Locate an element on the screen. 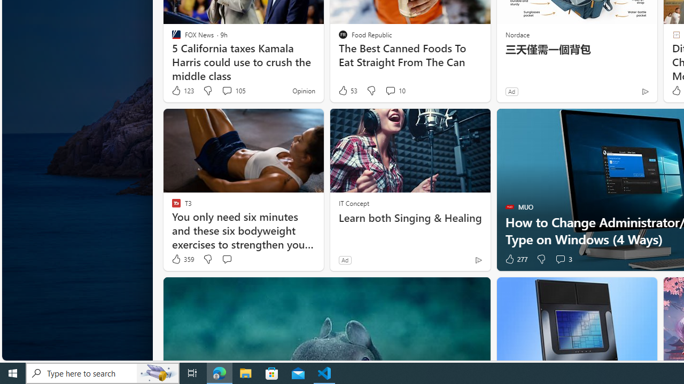  'View comments 105 Comment' is located at coordinates (233, 90).